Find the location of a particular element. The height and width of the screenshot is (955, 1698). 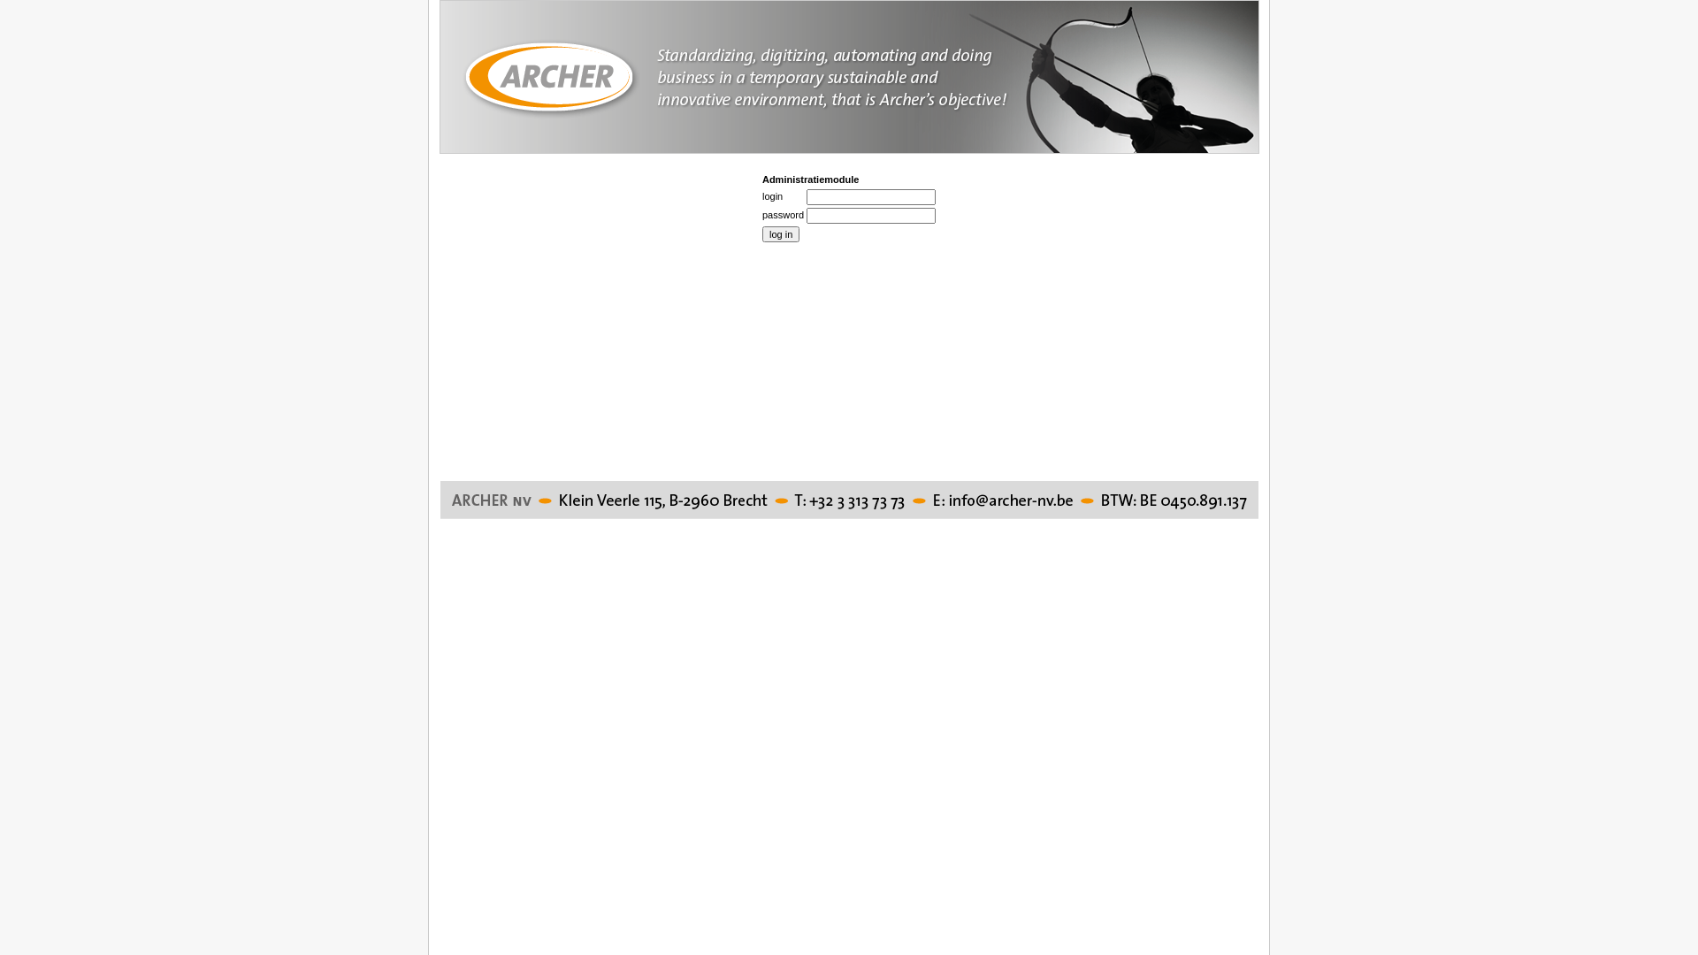

'log in' is located at coordinates (780, 233).